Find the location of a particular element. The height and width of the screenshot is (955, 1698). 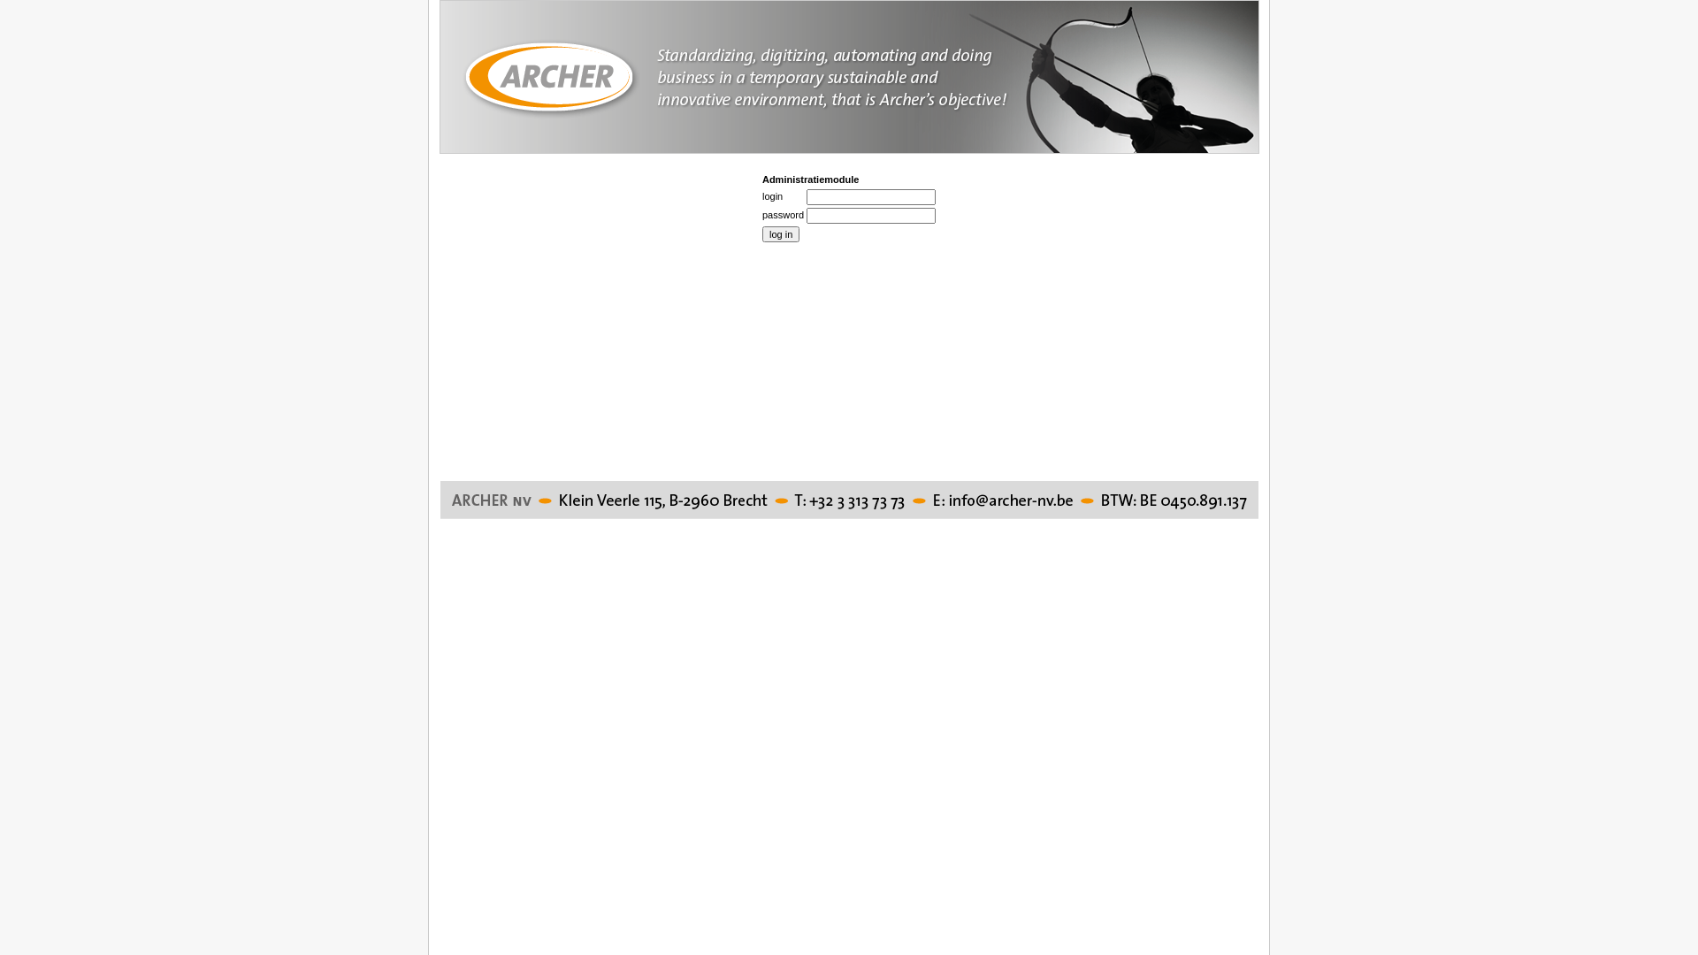

'log in' is located at coordinates (780, 233).